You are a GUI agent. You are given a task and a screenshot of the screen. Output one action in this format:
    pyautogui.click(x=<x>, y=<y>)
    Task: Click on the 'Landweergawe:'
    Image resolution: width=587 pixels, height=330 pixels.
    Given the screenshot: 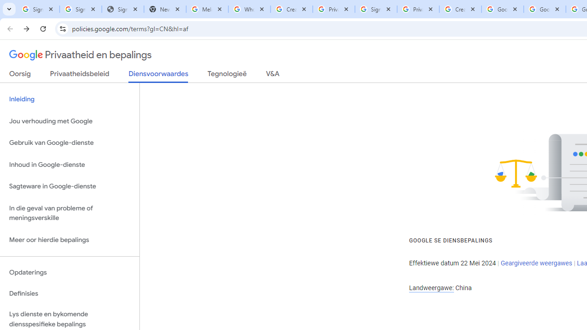 What is the action you would take?
    pyautogui.click(x=431, y=287)
    